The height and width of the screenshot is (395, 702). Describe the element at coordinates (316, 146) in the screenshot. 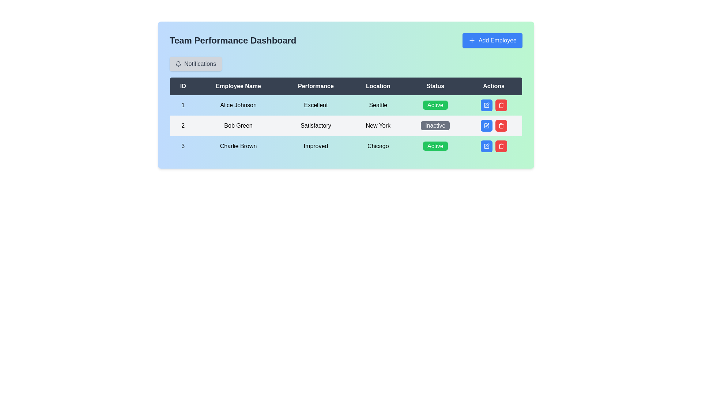

I see `the text label containing the word 'Improved' located in the 'Performance' column of the table aligned with the 'Charlie Brown' row` at that location.